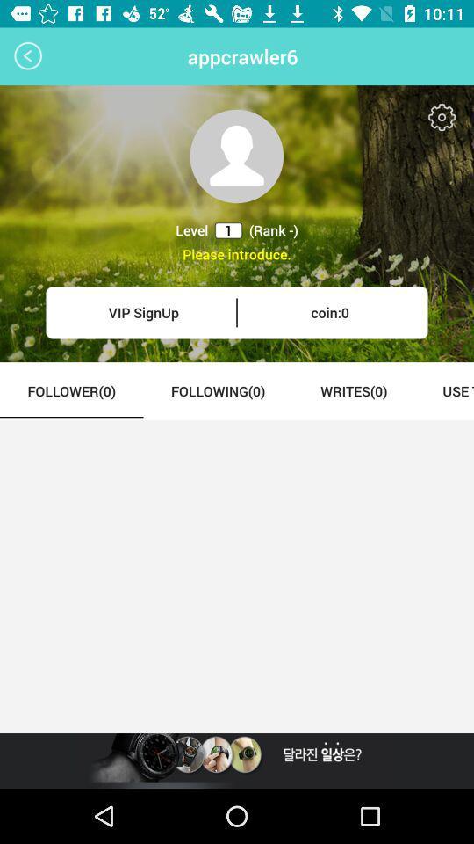 The width and height of the screenshot is (474, 844). I want to click on coin:0, so click(330, 312).